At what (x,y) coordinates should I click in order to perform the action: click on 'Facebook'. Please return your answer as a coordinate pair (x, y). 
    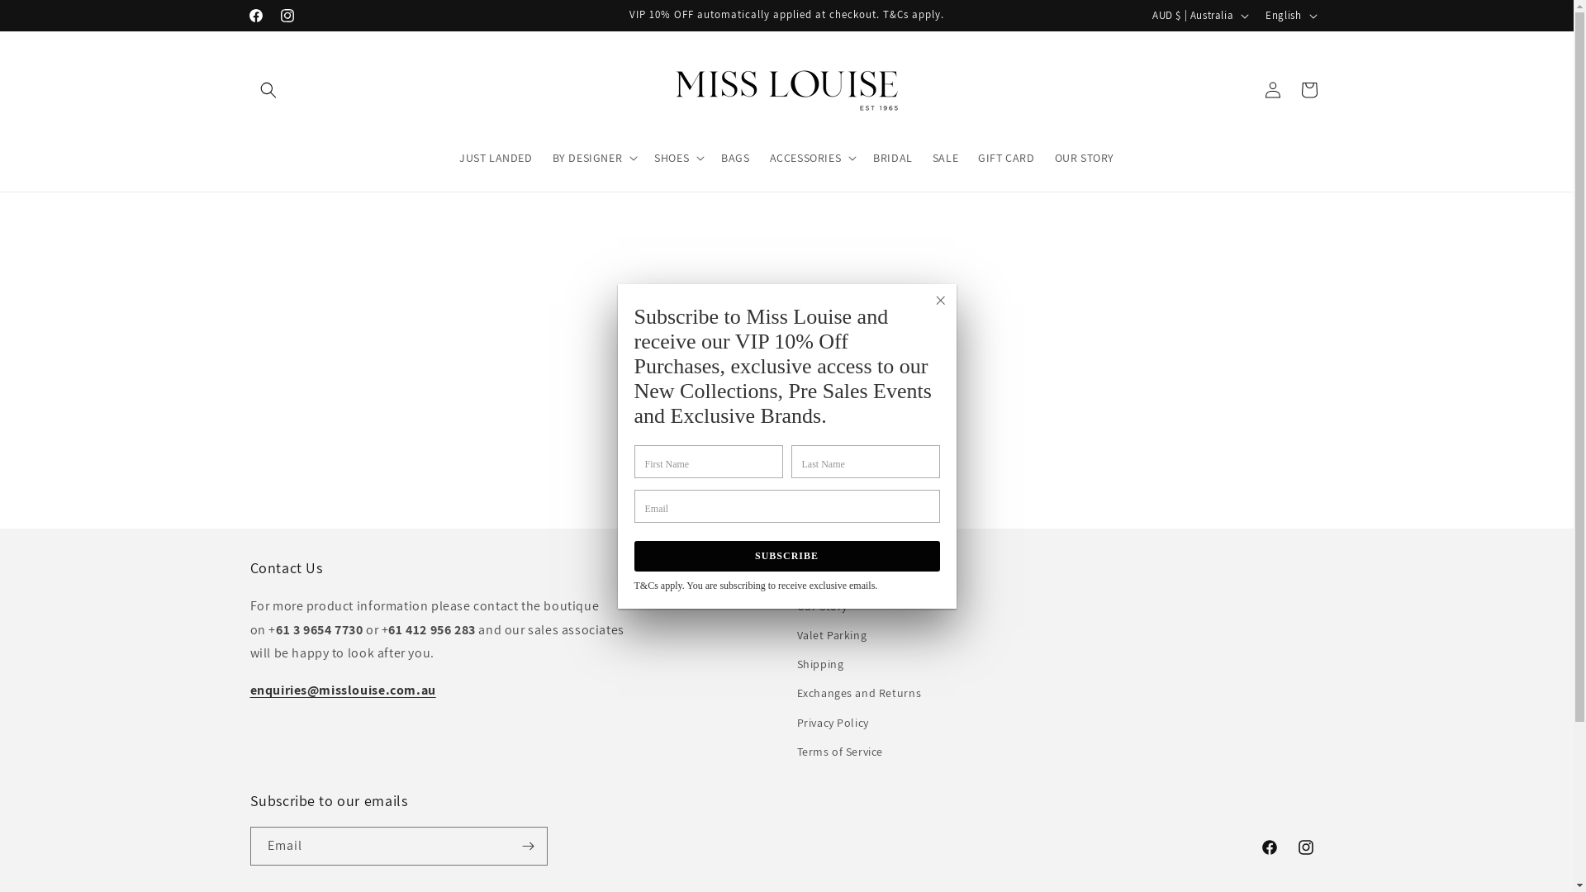
    Looking at the image, I should click on (1268, 847).